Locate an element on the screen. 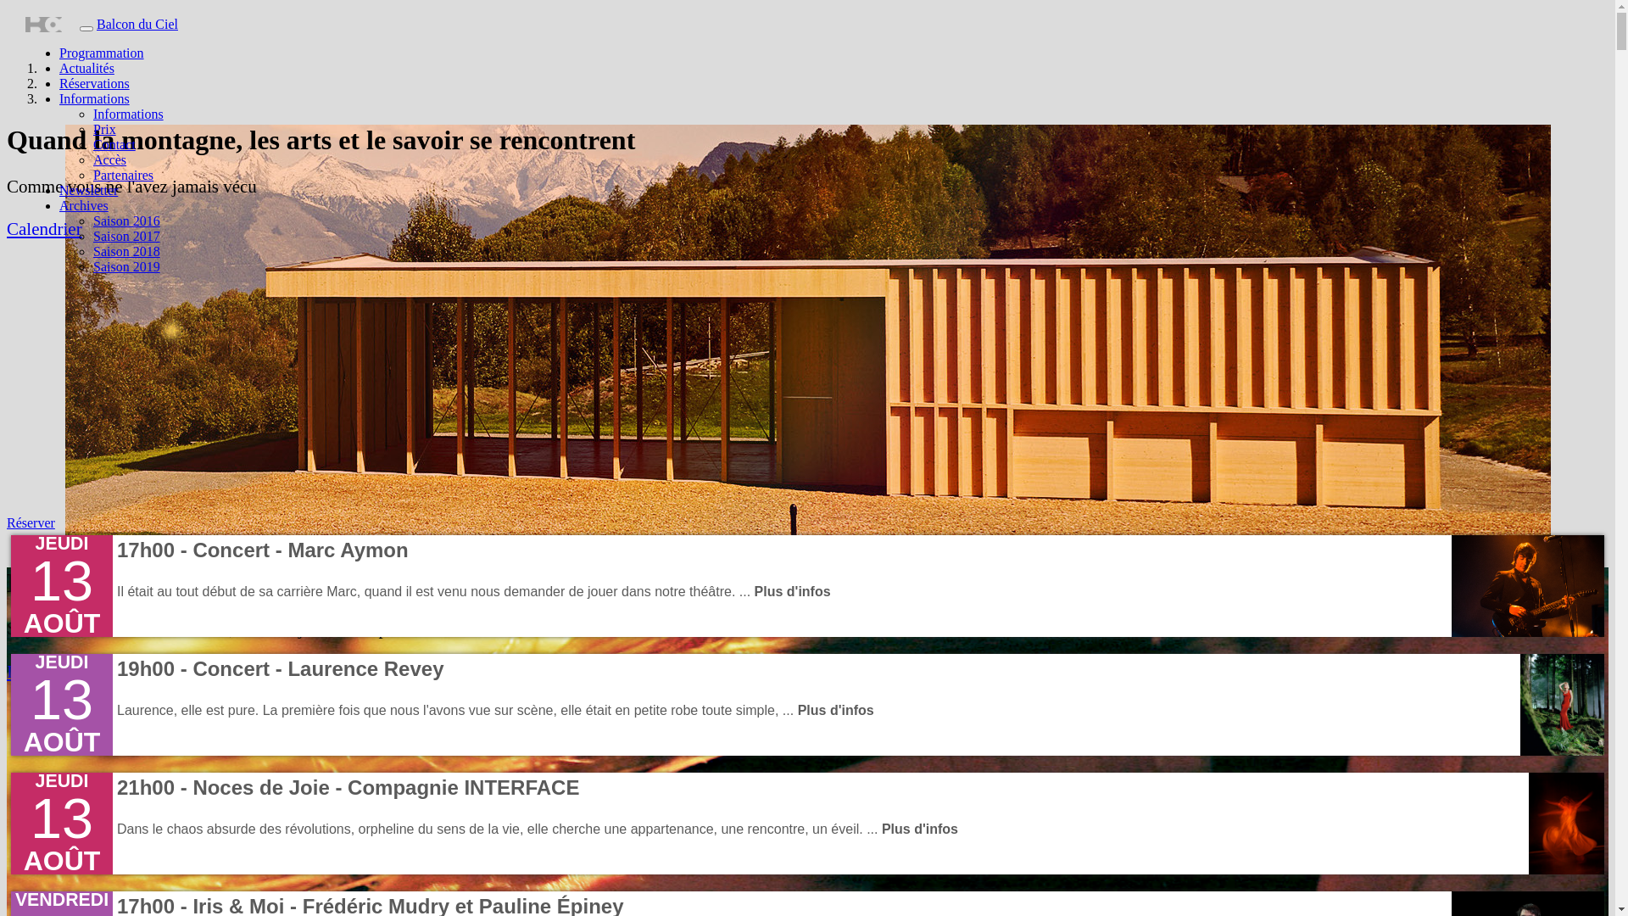 The height and width of the screenshot is (916, 1628). 'Saison 2018' is located at coordinates (125, 251).